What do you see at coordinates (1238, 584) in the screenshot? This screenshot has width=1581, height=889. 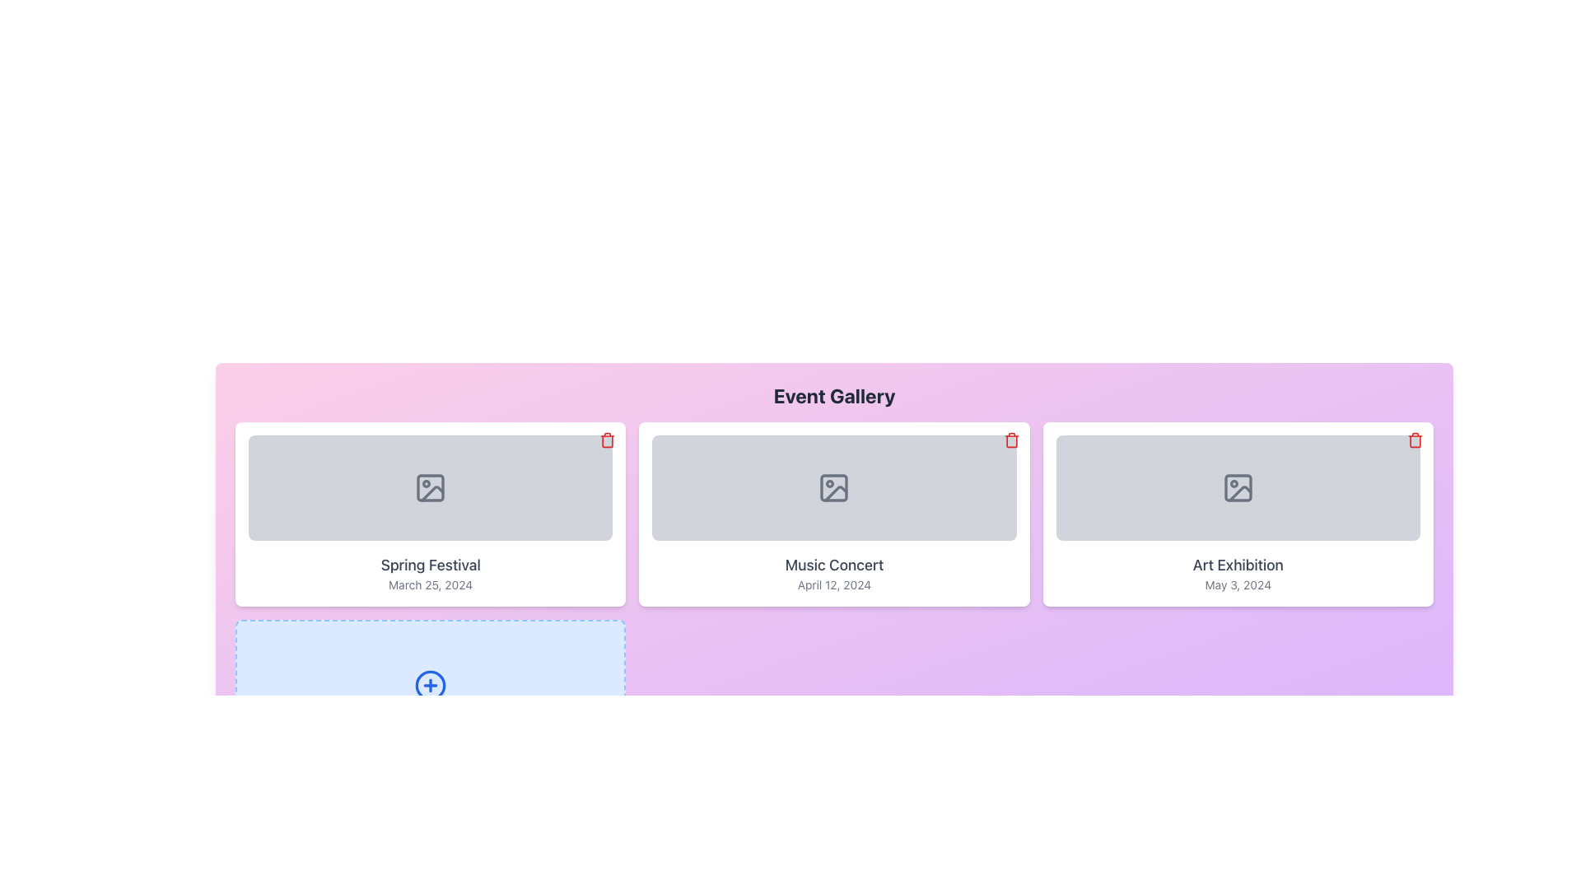 I see `the text label displaying 'May 3, 2024', which is located below the title 'Art Exhibition' in the bottom section of its card` at bounding box center [1238, 584].